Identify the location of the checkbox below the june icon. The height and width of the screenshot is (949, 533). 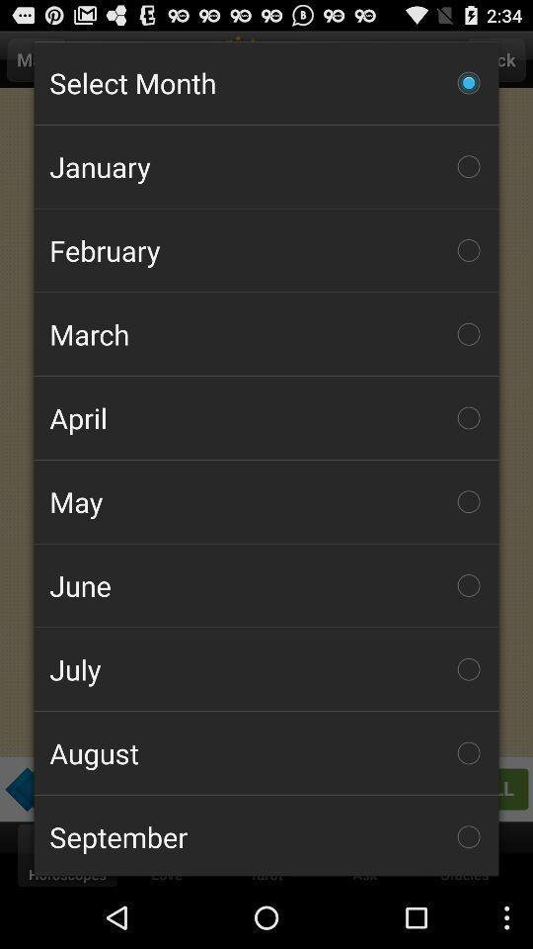
(266, 669).